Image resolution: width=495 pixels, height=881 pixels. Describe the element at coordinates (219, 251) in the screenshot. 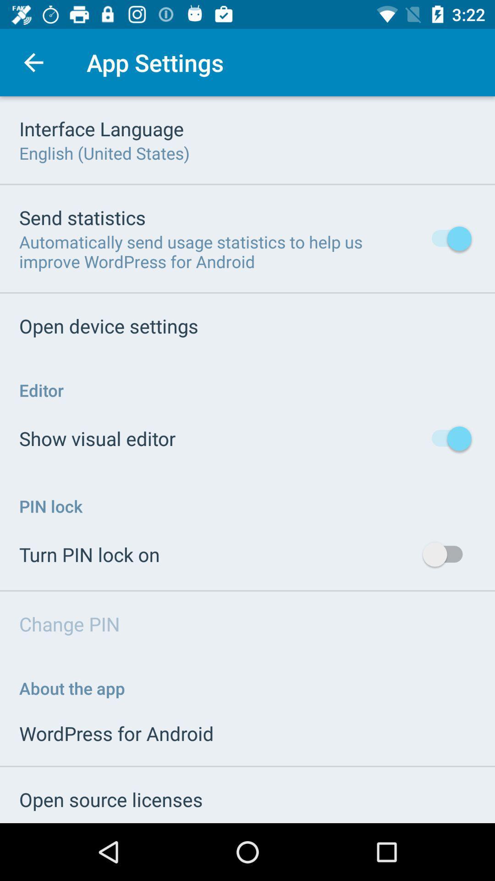

I see `the icon above the open device settings` at that location.